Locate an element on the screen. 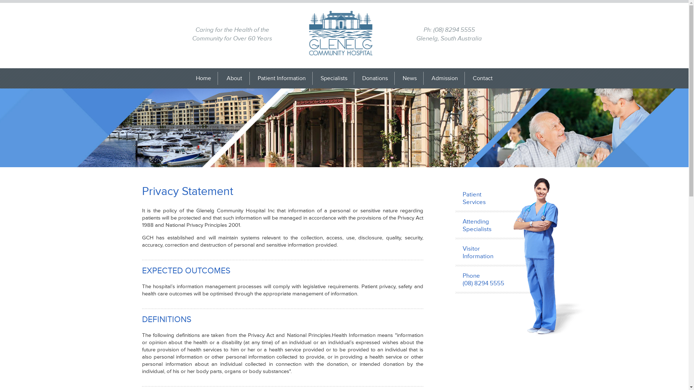 This screenshot has height=390, width=694. 'Admission' is located at coordinates (444, 78).